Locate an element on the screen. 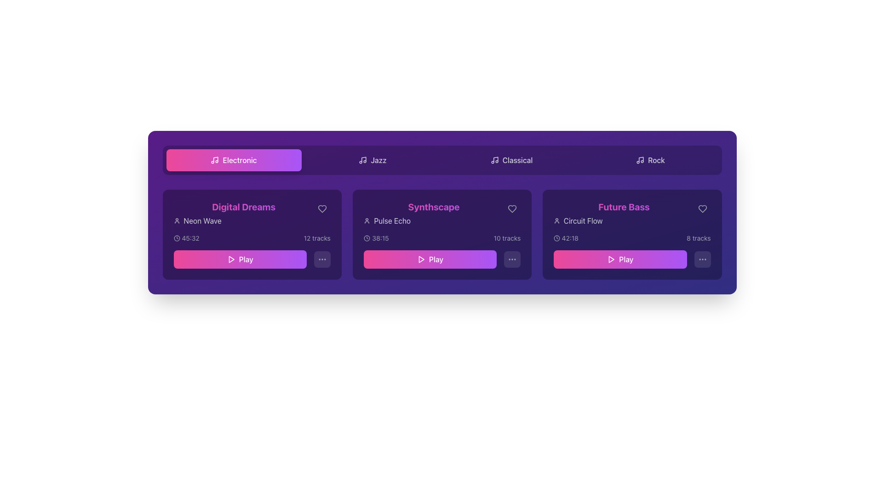  the heart icon located at the top-right corner of the second 'Synthscape' music card is located at coordinates (512, 209).